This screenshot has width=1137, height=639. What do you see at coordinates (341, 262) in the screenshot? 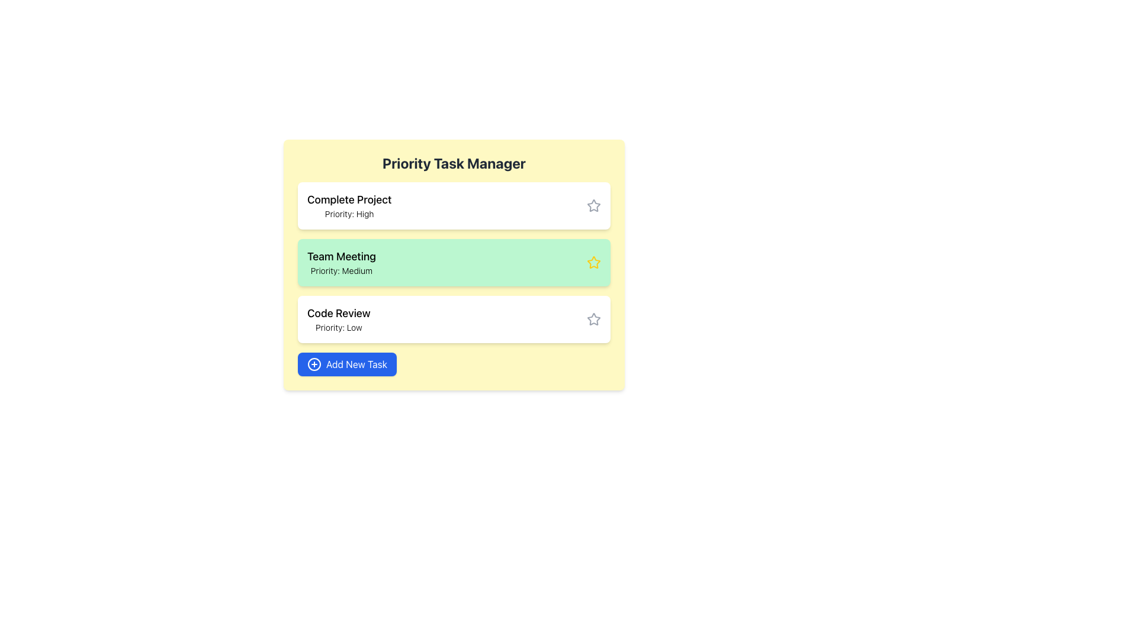
I see `the static text display that shows the task title 'Team Meeting' and its priority level 'Medium' in the Priority Task Manager interface` at bounding box center [341, 262].